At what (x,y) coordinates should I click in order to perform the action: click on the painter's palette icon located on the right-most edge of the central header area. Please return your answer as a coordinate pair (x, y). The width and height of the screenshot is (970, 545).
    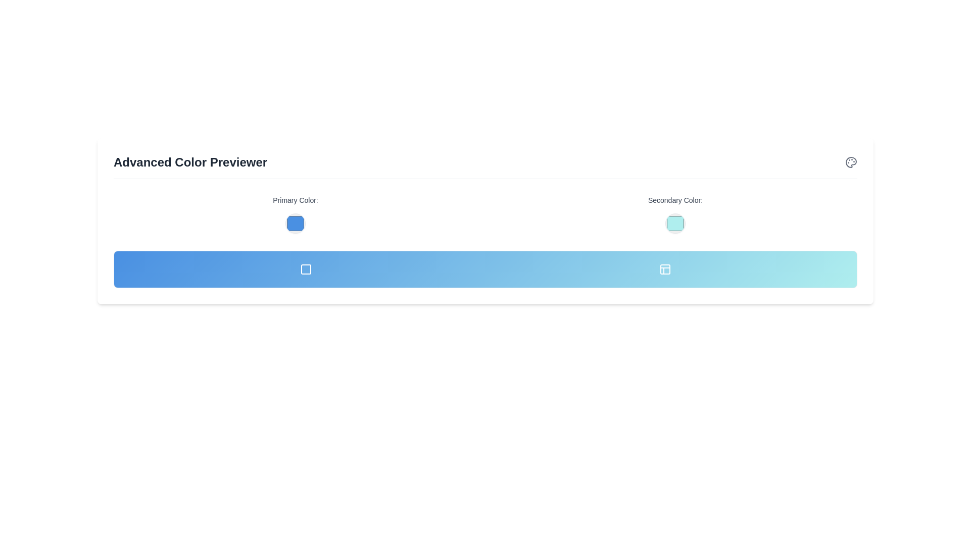
    Looking at the image, I should click on (850, 161).